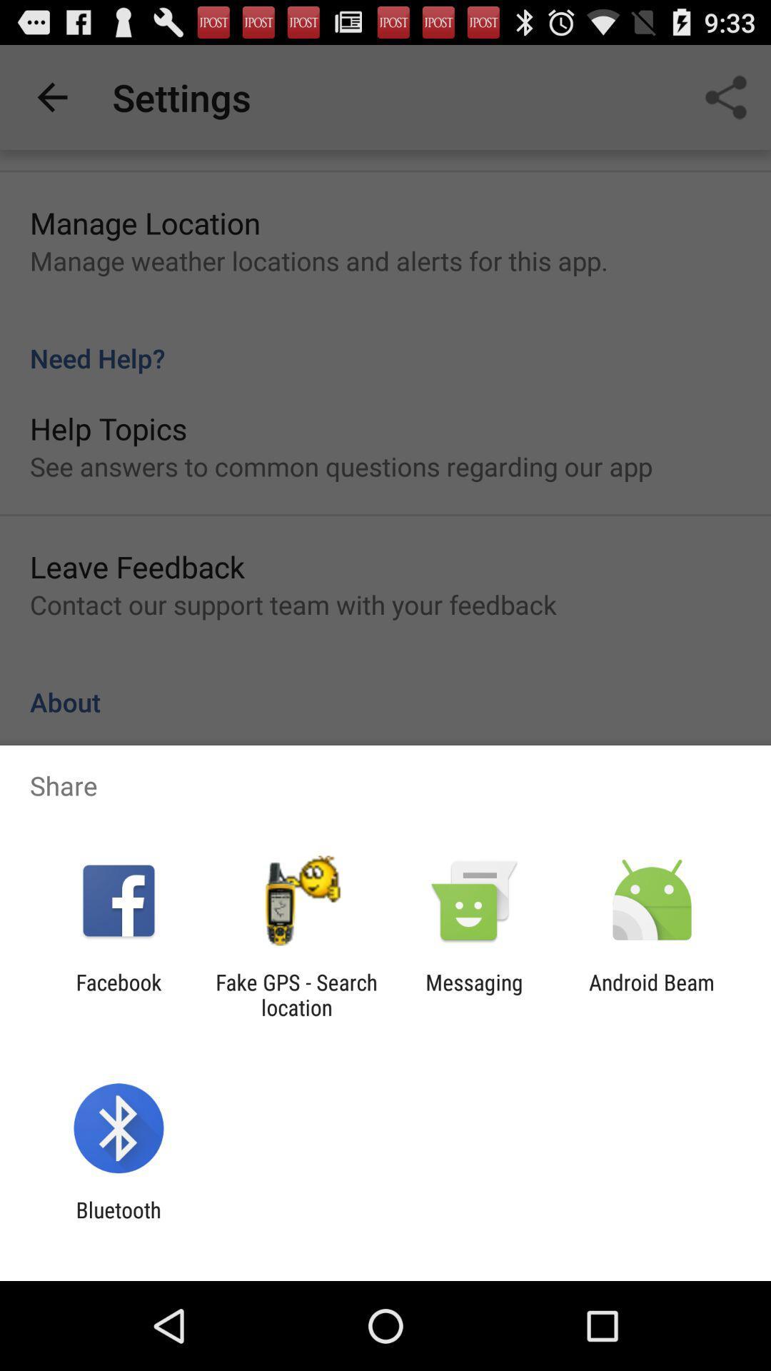 This screenshot has width=771, height=1371. What do you see at coordinates (652, 994) in the screenshot?
I see `item next to the messaging icon` at bounding box center [652, 994].